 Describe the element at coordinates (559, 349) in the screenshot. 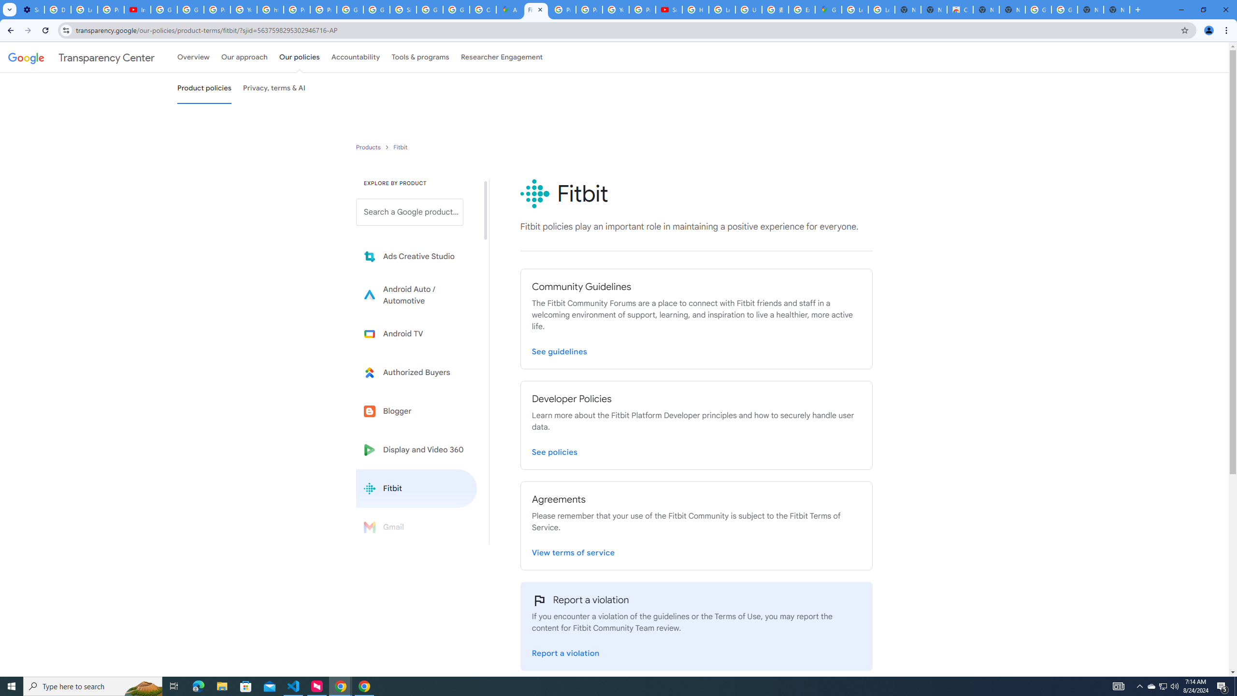

I see `'Visit Fitbit Community Guidelines page'` at that location.